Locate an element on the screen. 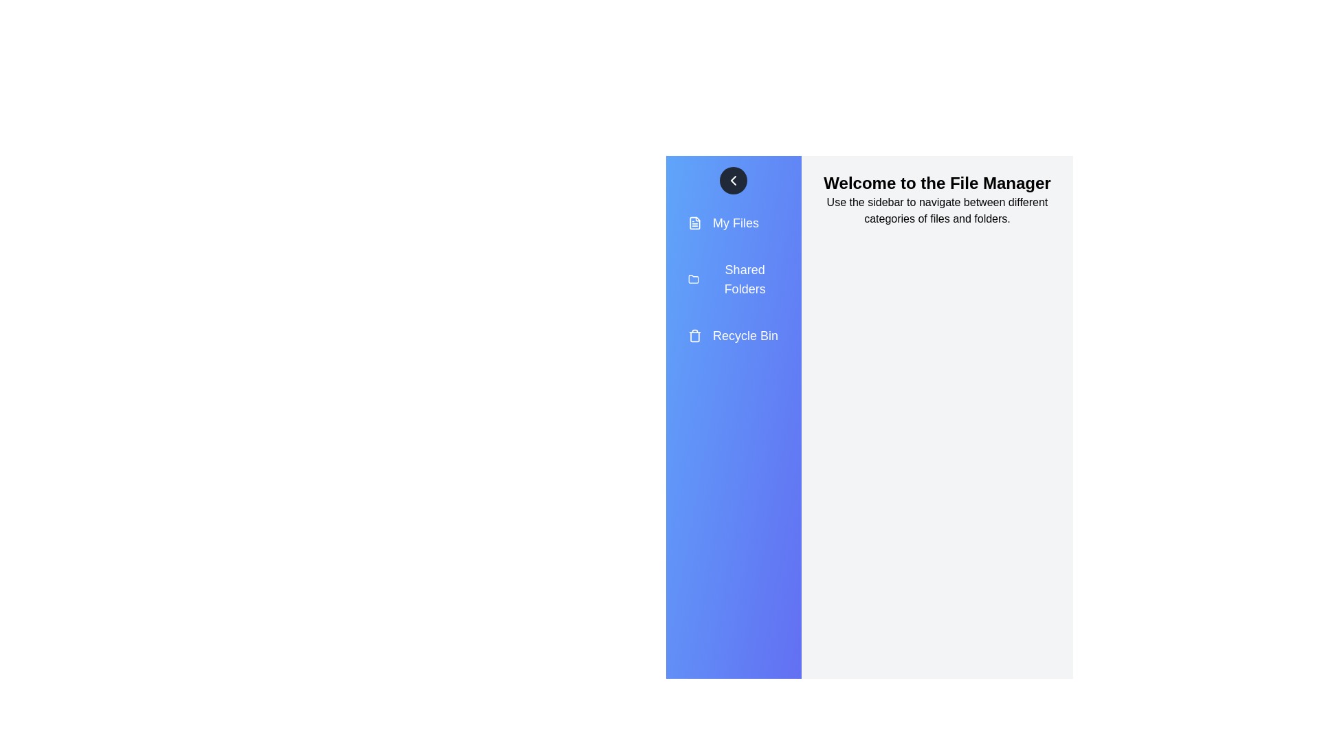 The height and width of the screenshot is (742, 1320). the 'Recycle Bin' menu item in the sidebar is located at coordinates (732, 336).